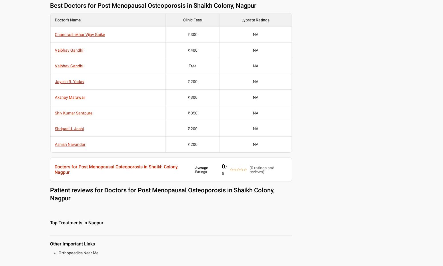  What do you see at coordinates (195, 169) in the screenshot?
I see `'Average Ratings'` at bounding box center [195, 169].